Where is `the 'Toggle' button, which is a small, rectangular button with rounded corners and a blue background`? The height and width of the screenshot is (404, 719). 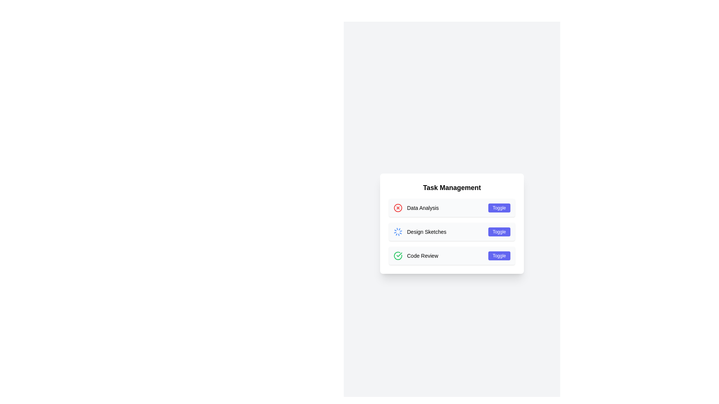
the 'Toggle' button, which is a small, rectangular button with rounded corners and a blue background is located at coordinates (499, 255).